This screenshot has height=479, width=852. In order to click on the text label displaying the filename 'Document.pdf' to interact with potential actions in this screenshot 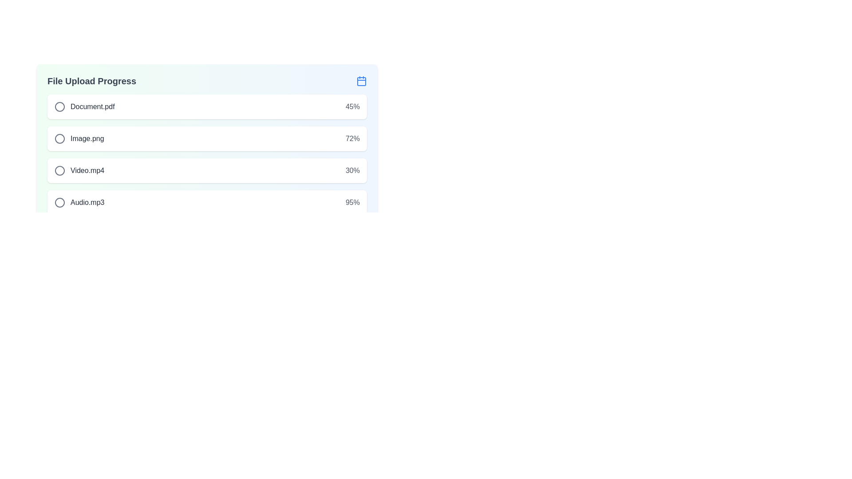, I will do `click(84, 106)`.